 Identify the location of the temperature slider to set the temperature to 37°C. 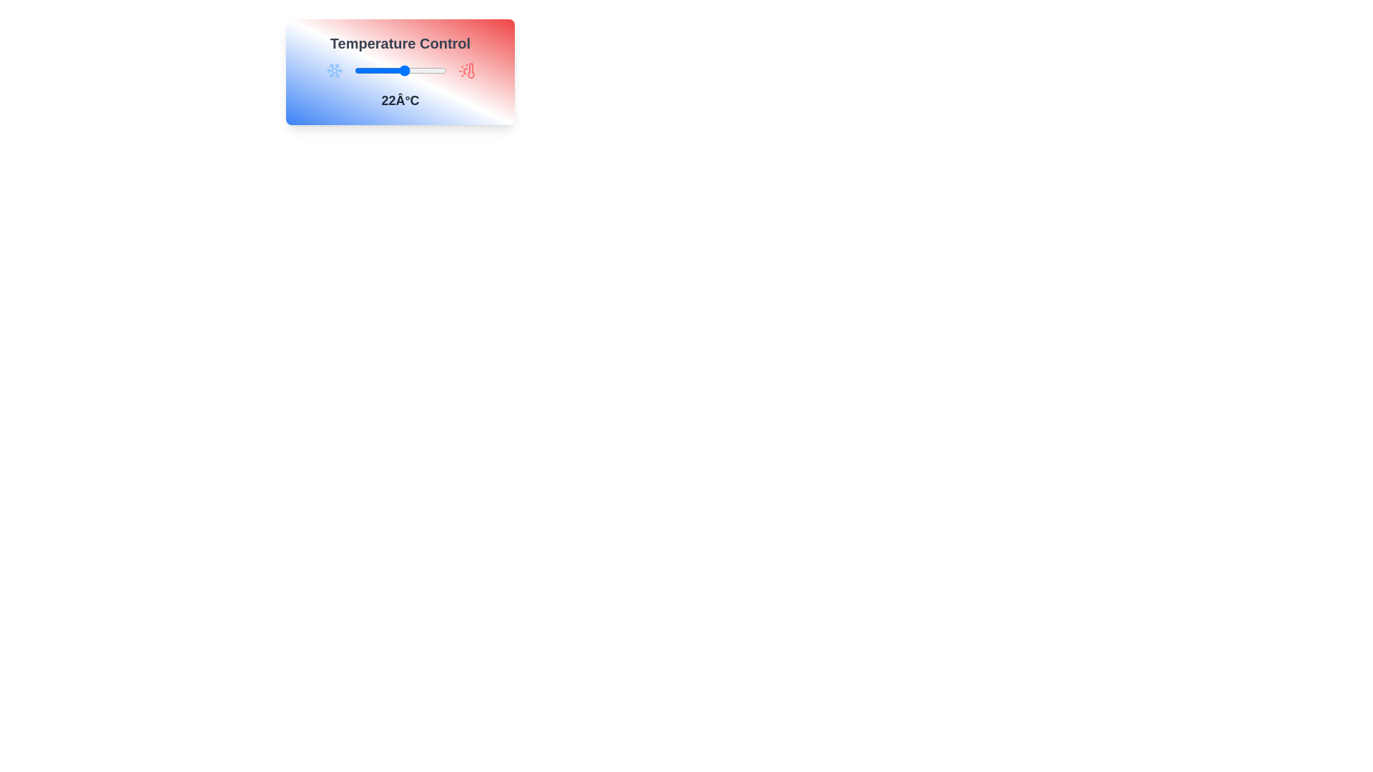
(438, 71).